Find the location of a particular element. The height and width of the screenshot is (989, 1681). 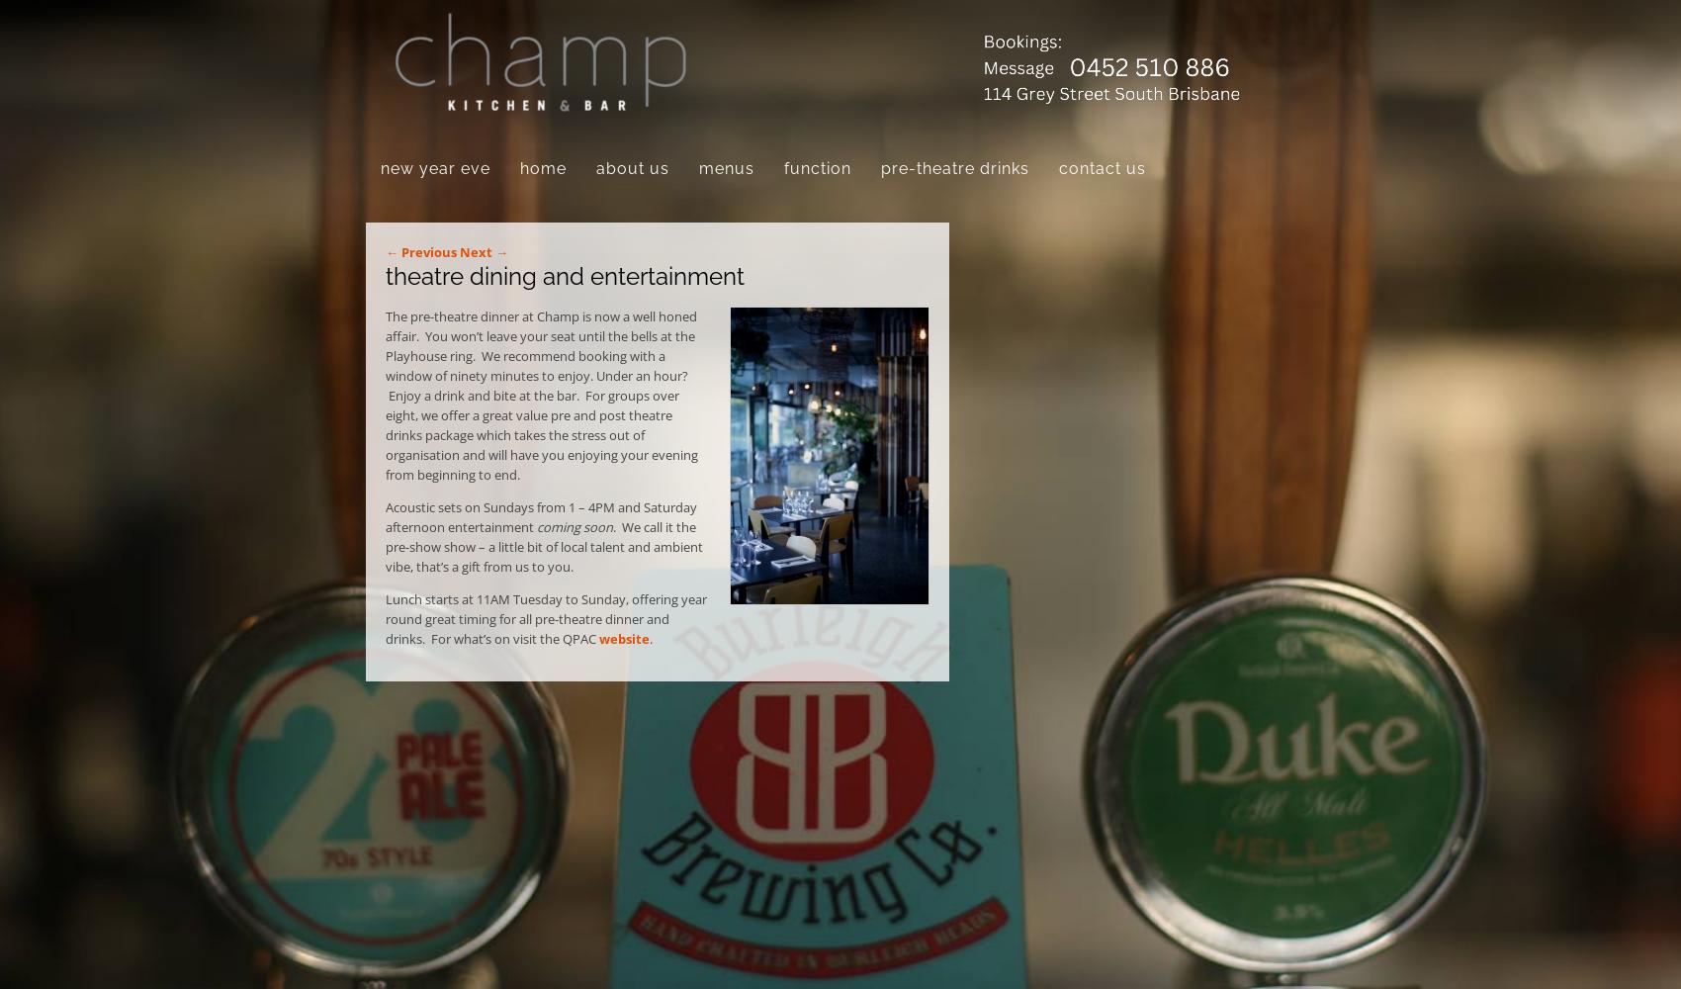

'.' is located at coordinates (650, 639).